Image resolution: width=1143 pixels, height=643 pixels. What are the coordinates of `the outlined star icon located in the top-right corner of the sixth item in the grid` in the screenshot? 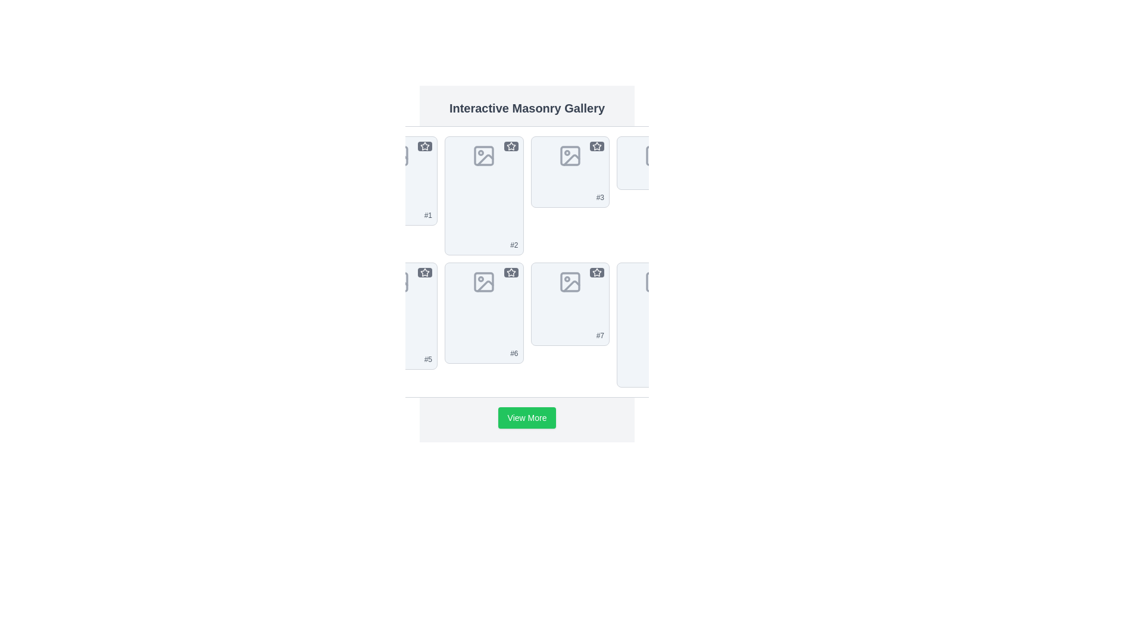 It's located at (511, 273).